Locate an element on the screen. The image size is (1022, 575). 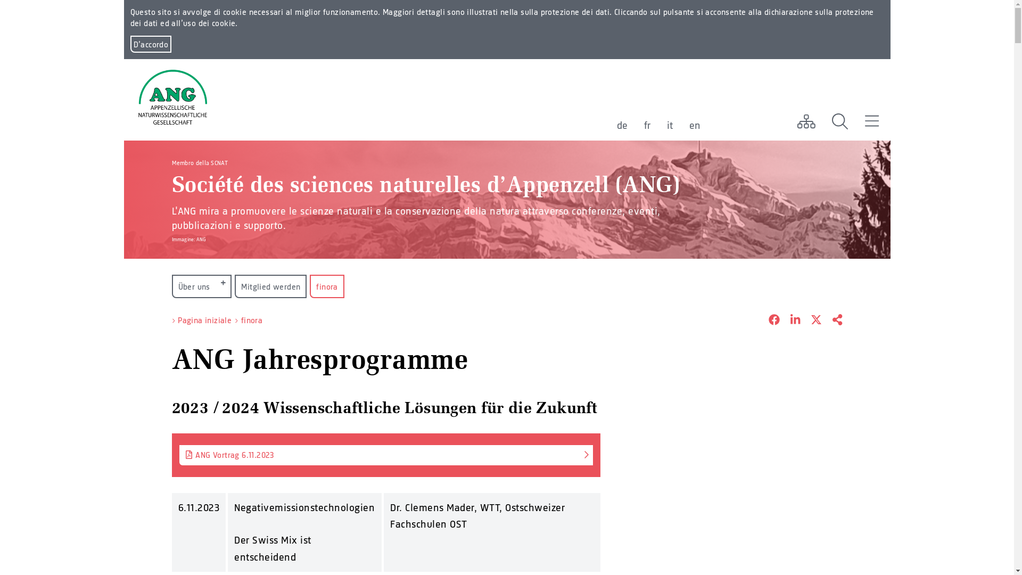
'Pagina iniziale' is located at coordinates (204, 319).